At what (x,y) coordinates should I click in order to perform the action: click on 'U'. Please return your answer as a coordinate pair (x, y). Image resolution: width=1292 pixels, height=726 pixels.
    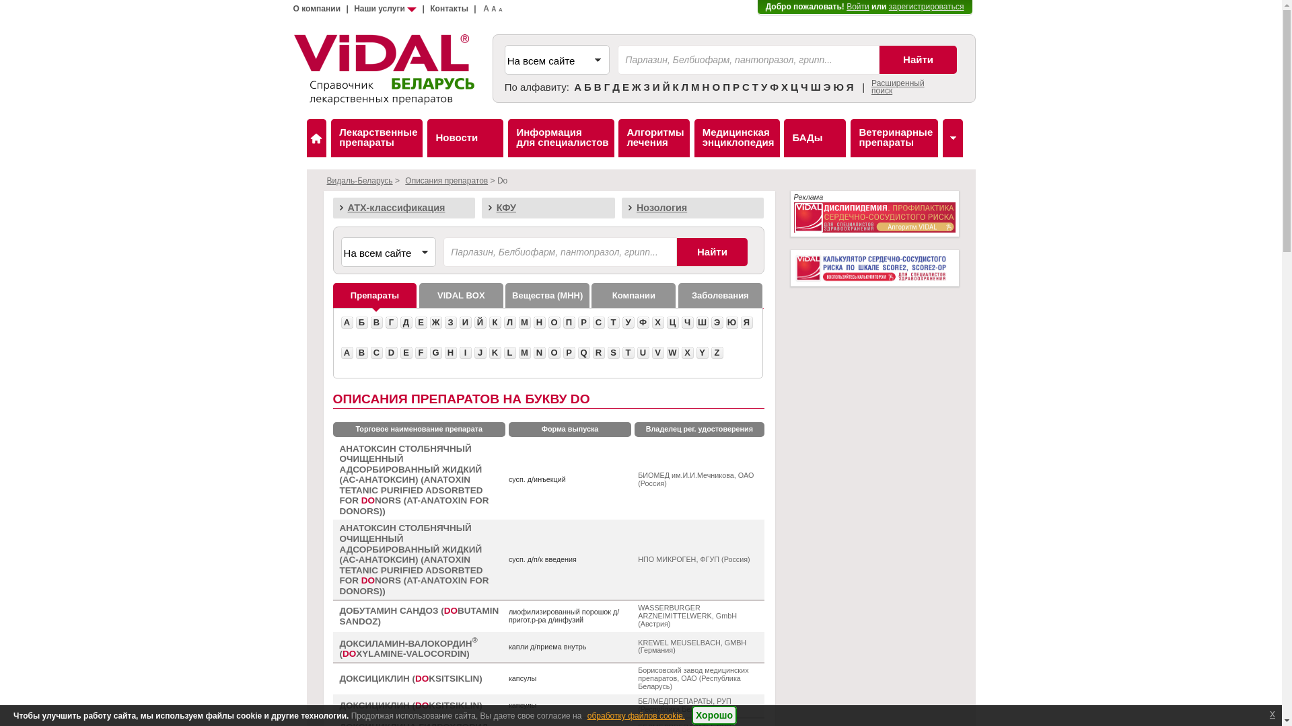
    Looking at the image, I should click on (642, 352).